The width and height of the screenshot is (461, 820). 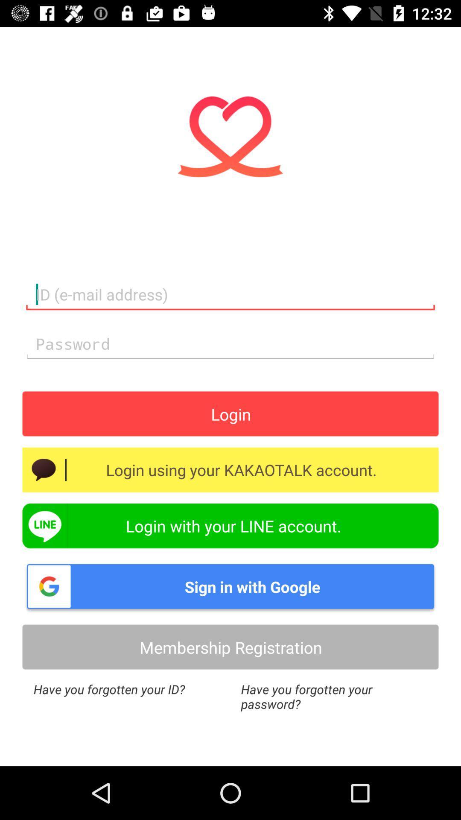 I want to click on the sign in with, so click(x=230, y=586).